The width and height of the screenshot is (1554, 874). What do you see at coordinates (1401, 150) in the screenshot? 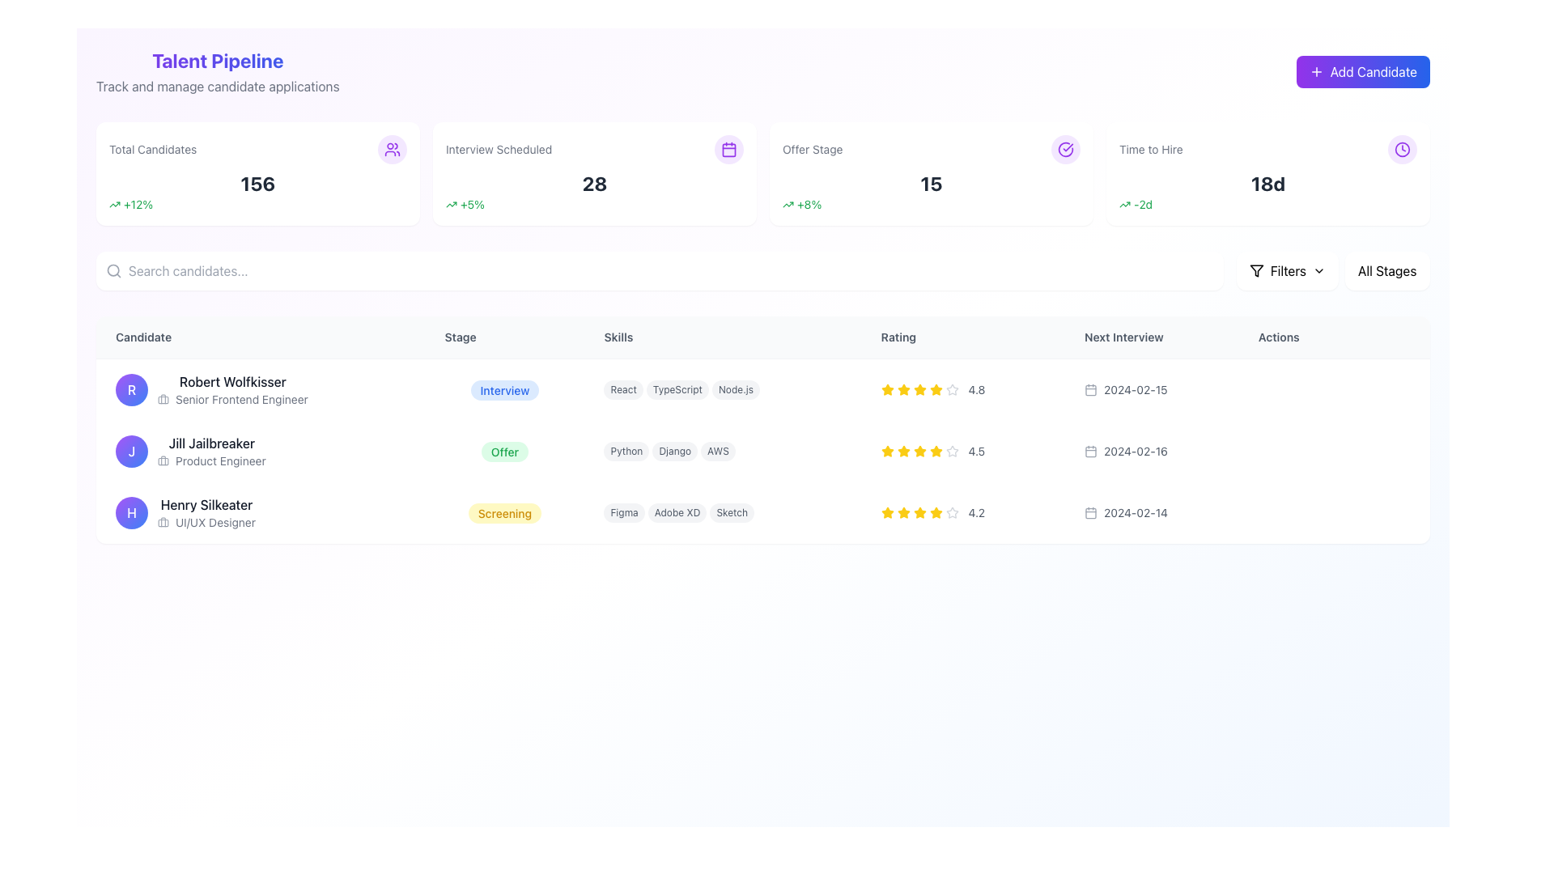
I see `the decorative or informative icon representing the 'Time to Hire' metric located in the top right corner of the 'Time to Hire' card, adjacent to the numerical data ('18d')` at bounding box center [1401, 150].